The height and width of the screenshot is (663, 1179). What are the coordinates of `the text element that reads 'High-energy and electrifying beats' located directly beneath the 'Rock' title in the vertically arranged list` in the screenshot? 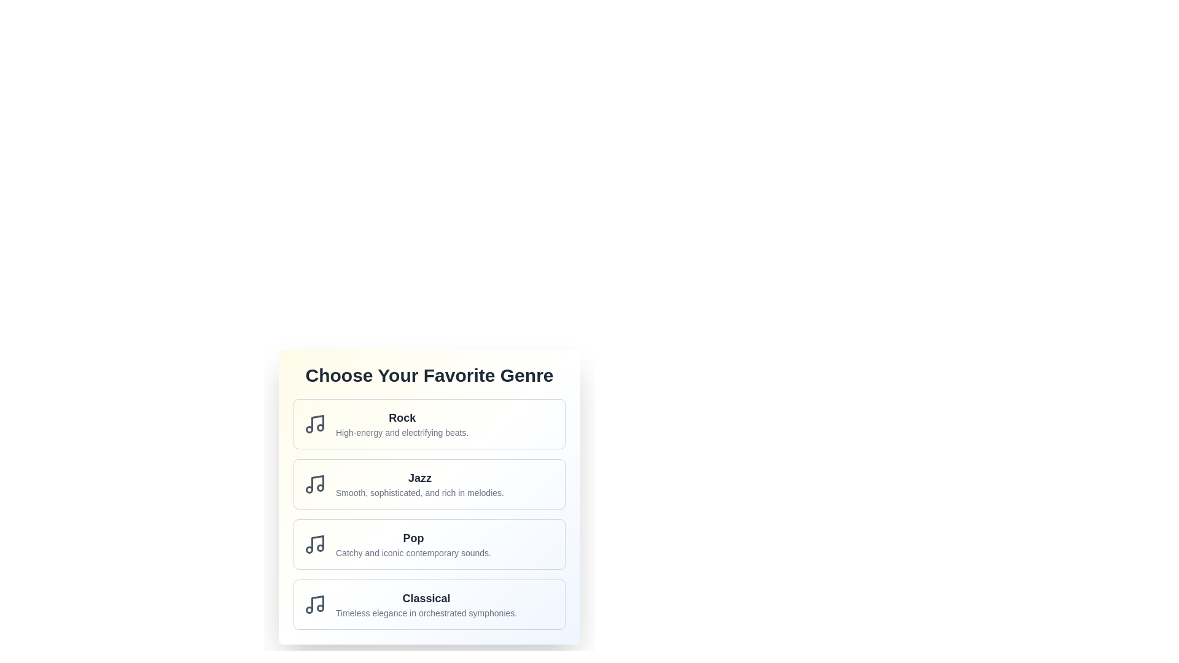 It's located at (402, 432).